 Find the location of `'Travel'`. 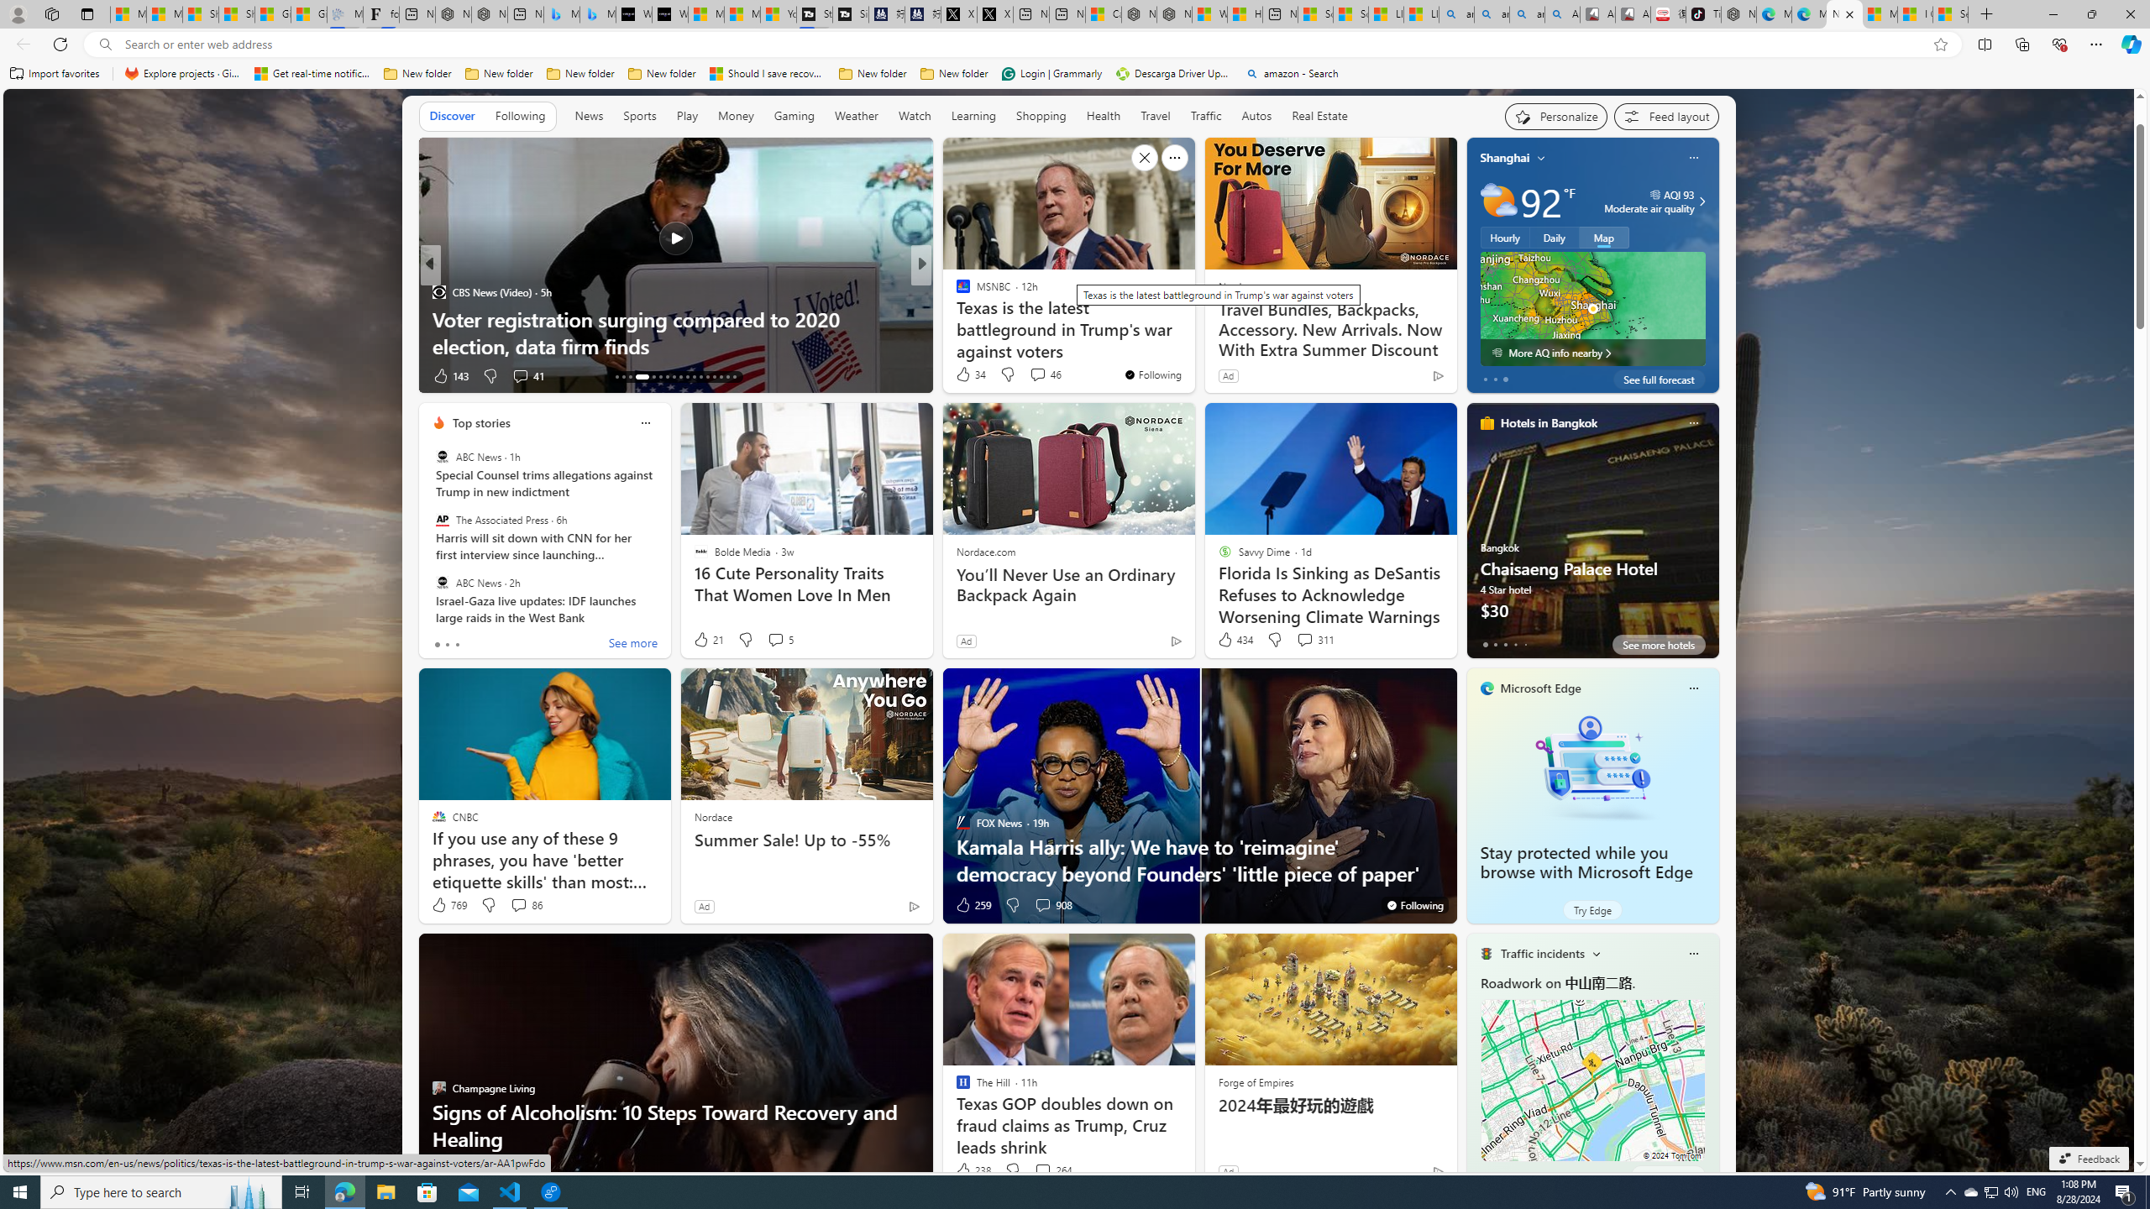

'Travel' is located at coordinates (1155, 116).